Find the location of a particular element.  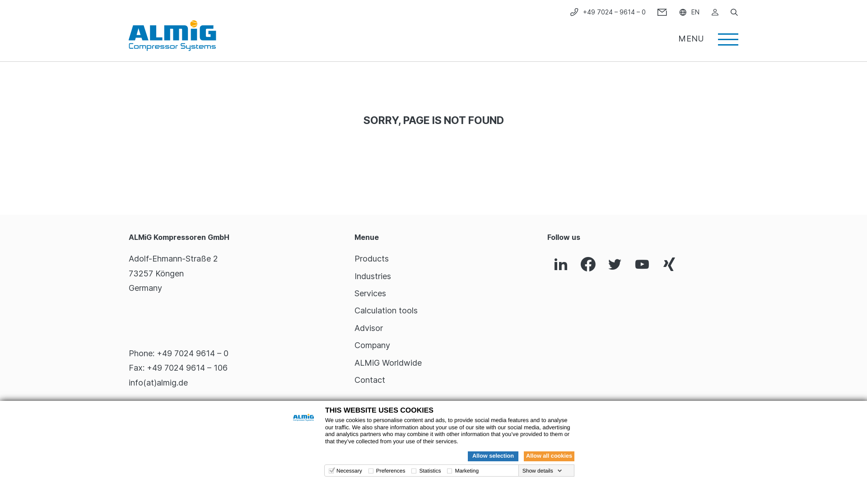

'EN' is located at coordinates (689, 12).